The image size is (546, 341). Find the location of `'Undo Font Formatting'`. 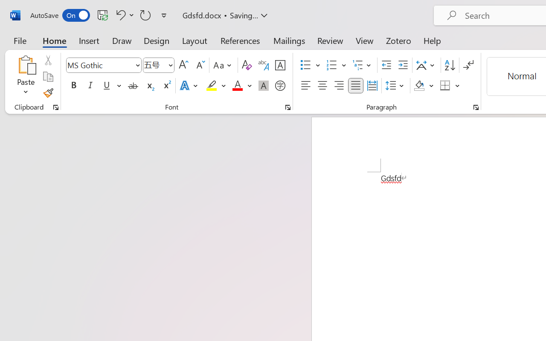

'Undo Font Formatting' is located at coordinates (119, 14).